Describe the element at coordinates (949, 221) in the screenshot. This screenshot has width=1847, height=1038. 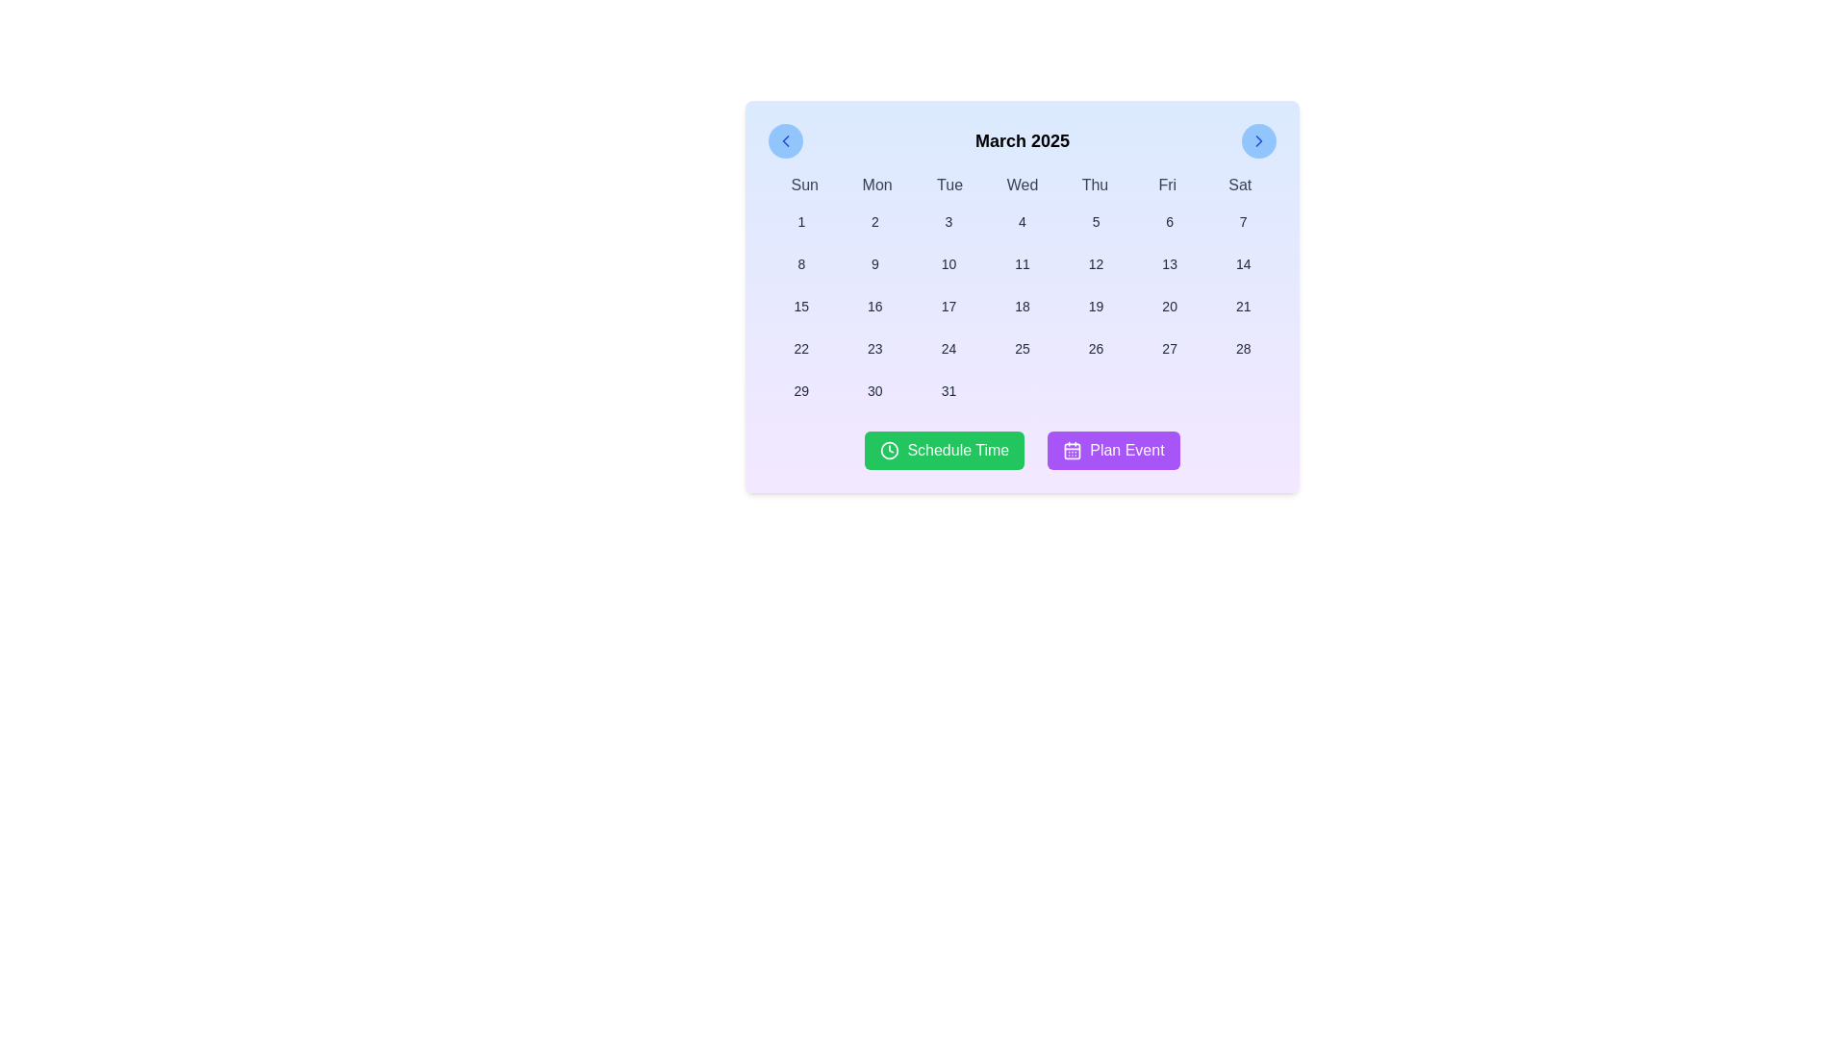
I see `the day selector button for Tuesday the 3rd in the calendar interface` at that location.